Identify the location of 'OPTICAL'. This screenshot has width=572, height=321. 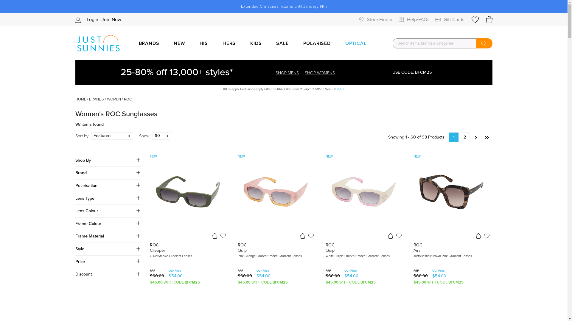
(340, 43).